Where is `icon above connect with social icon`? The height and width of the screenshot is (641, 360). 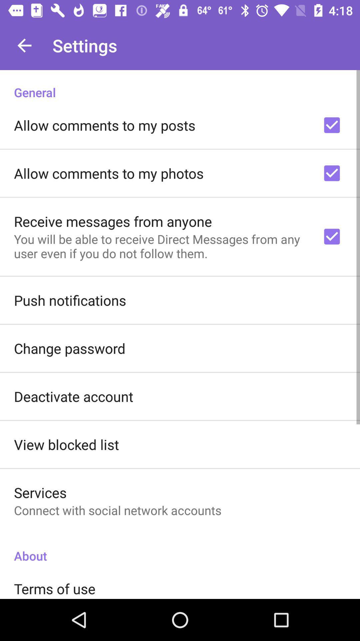
icon above connect with social icon is located at coordinates (40, 492).